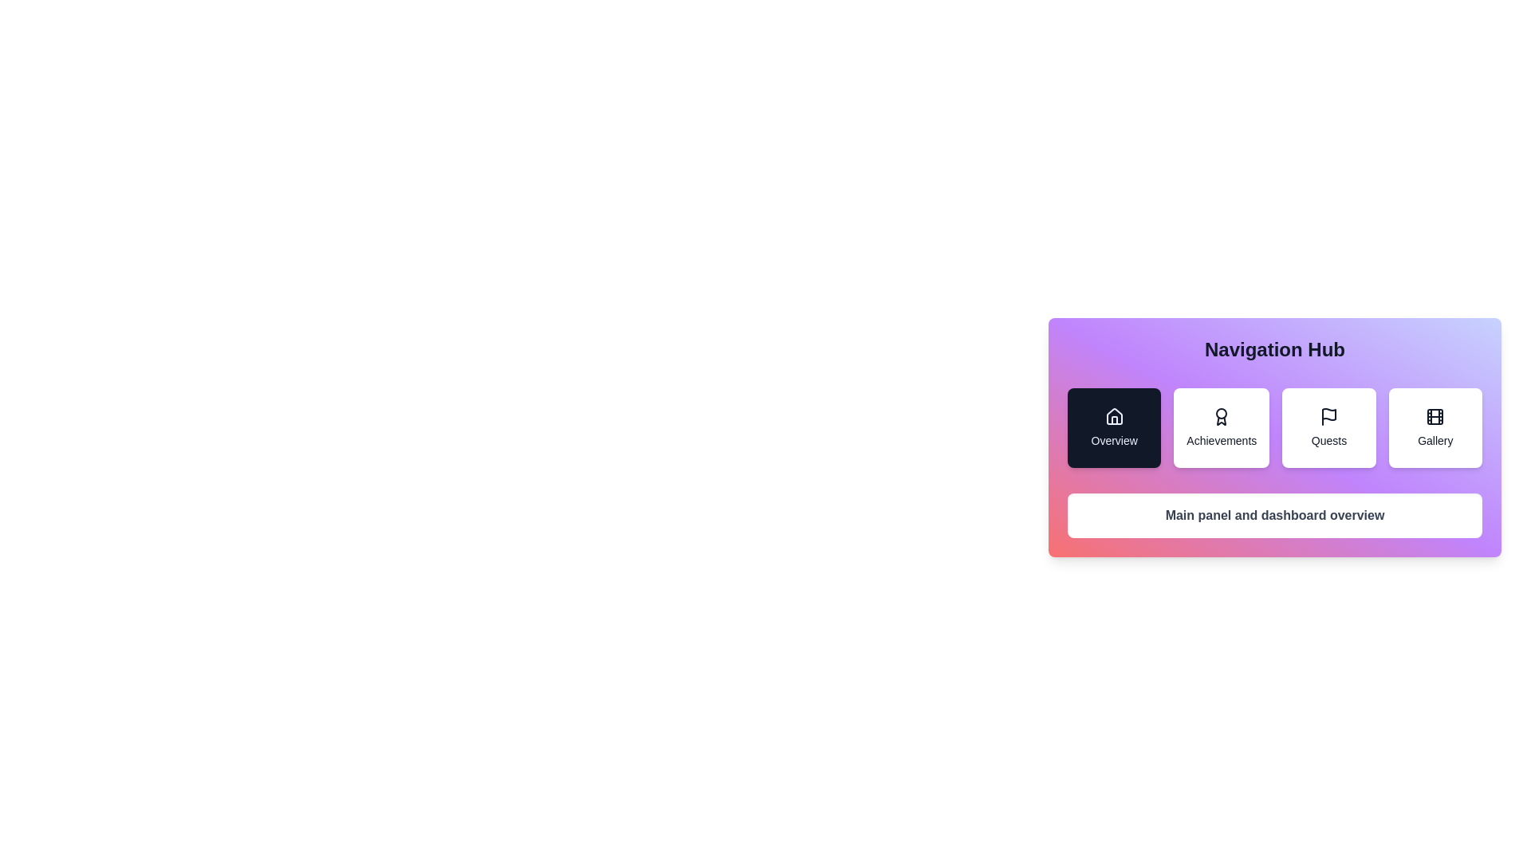  What do you see at coordinates (1435, 416) in the screenshot?
I see `the 'Gallery' button, which is the fourth button in a row of navigation buttons at the top-right corner of the panel` at bounding box center [1435, 416].